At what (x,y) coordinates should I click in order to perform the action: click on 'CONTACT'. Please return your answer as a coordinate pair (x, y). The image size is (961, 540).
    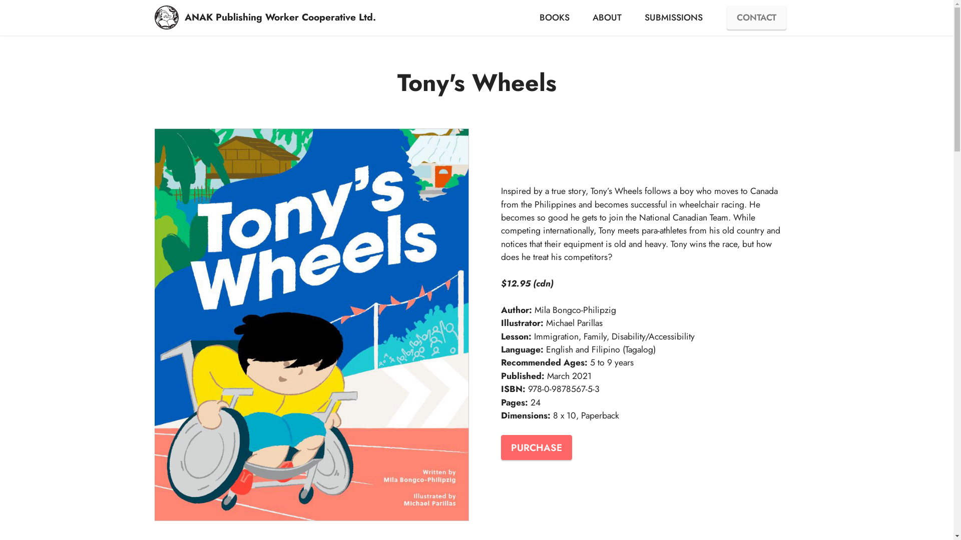
    Looking at the image, I should click on (756, 17).